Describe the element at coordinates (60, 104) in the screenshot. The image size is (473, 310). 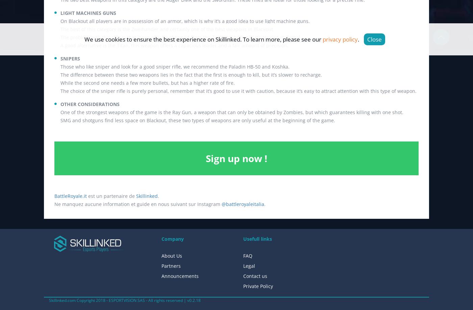
I see `'OTHER CONSIDERATIONS'` at that location.